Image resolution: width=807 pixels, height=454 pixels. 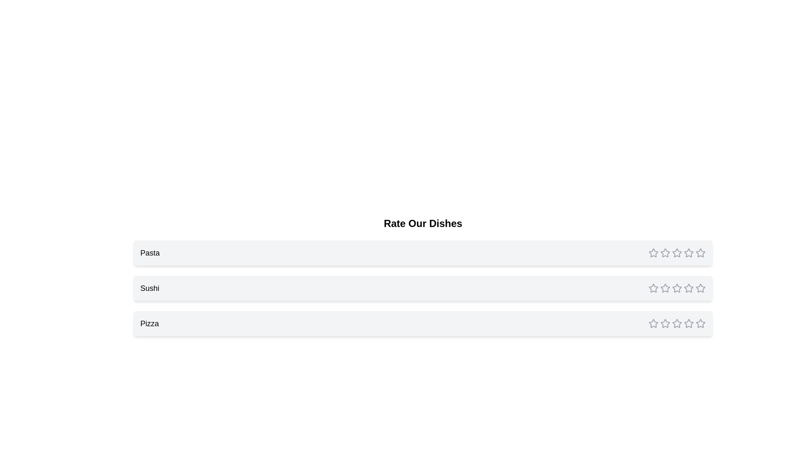 What do you see at coordinates (676, 288) in the screenshot?
I see `the second star in the rating bar associated with 'Sushi'` at bounding box center [676, 288].